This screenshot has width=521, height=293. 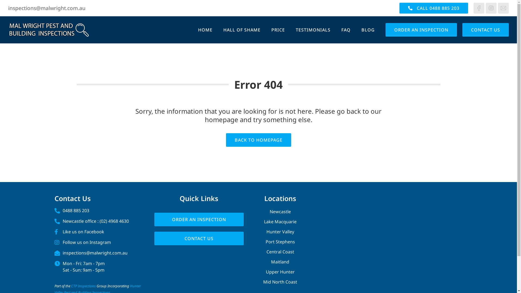 What do you see at coordinates (346, 30) in the screenshot?
I see `'FAQ'` at bounding box center [346, 30].